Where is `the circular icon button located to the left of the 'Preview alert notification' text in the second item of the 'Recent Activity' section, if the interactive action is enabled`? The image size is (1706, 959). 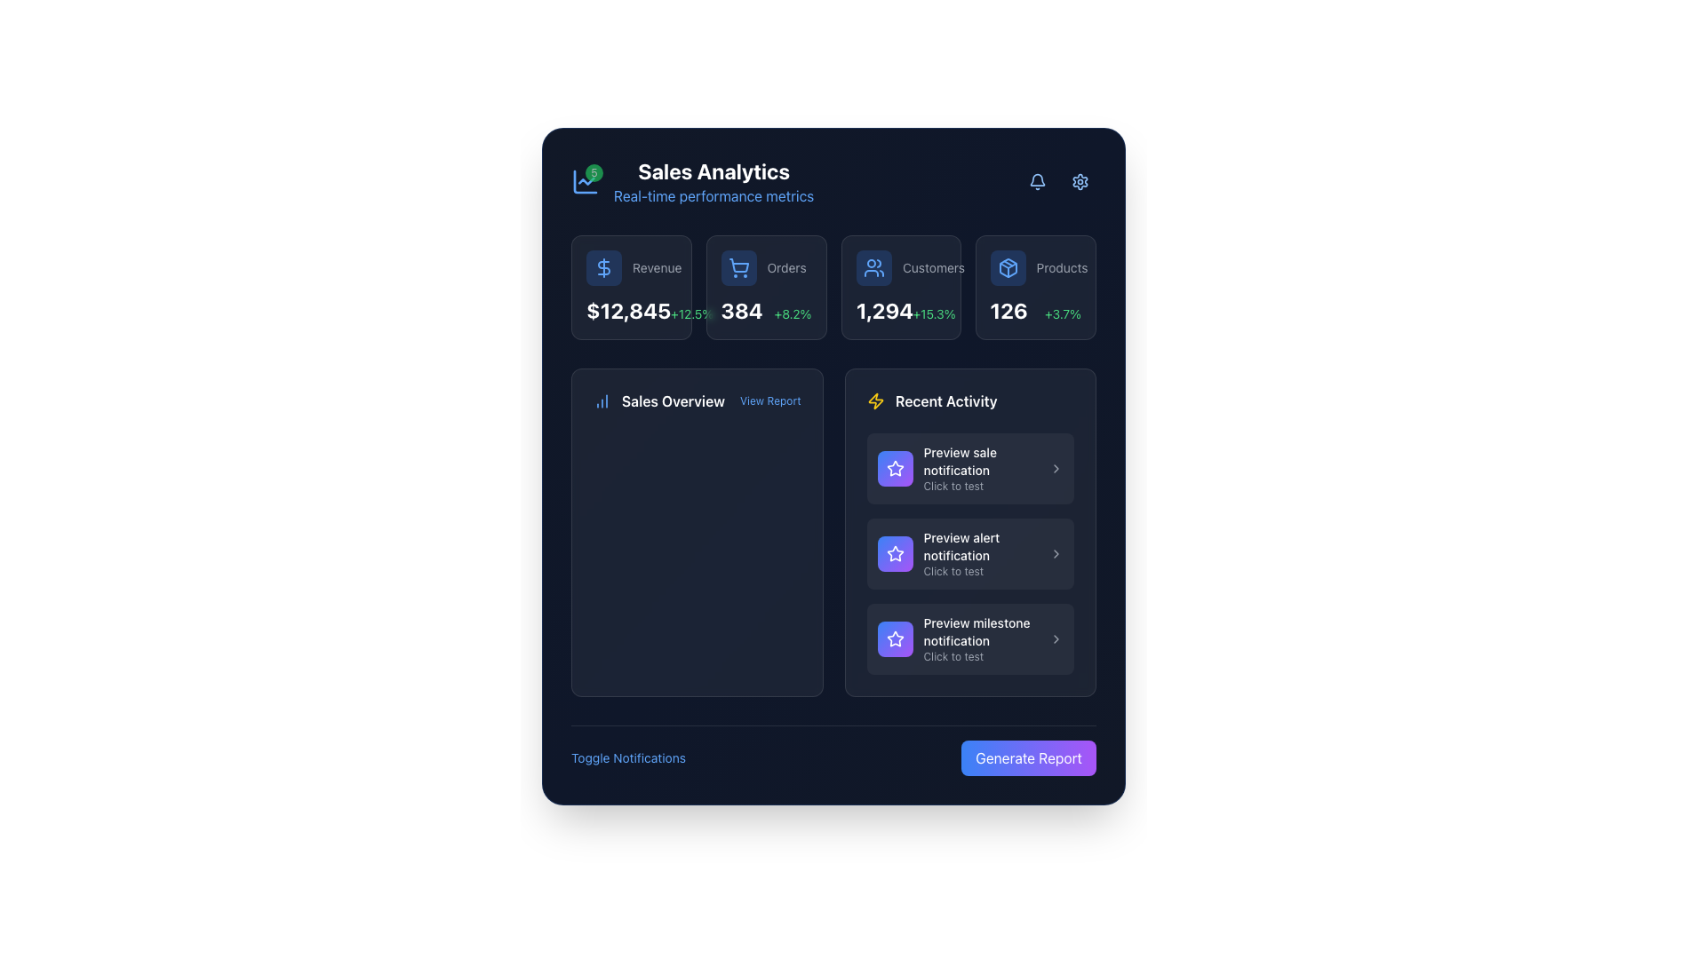 the circular icon button located to the left of the 'Preview alert notification' text in the second item of the 'Recent Activity' section, if the interactive action is enabled is located at coordinates (895, 553).